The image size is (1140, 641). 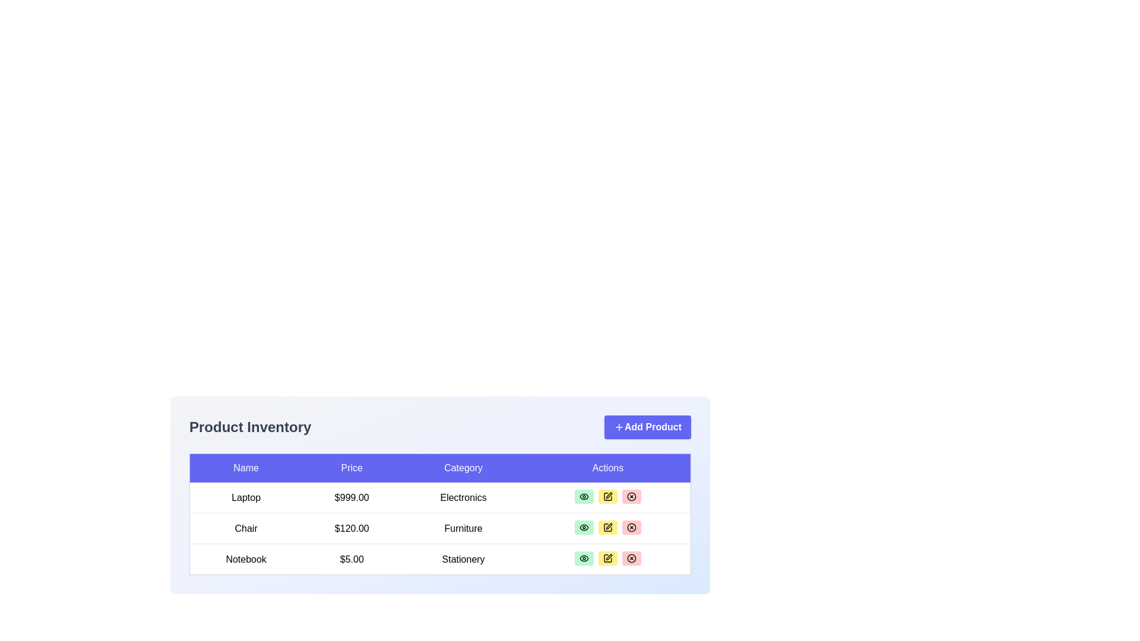 What do you see at coordinates (245, 528) in the screenshot?
I see `the bold, black text label 'Chair' located in the second row of the table under the 'Name' column` at bounding box center [245, 528].